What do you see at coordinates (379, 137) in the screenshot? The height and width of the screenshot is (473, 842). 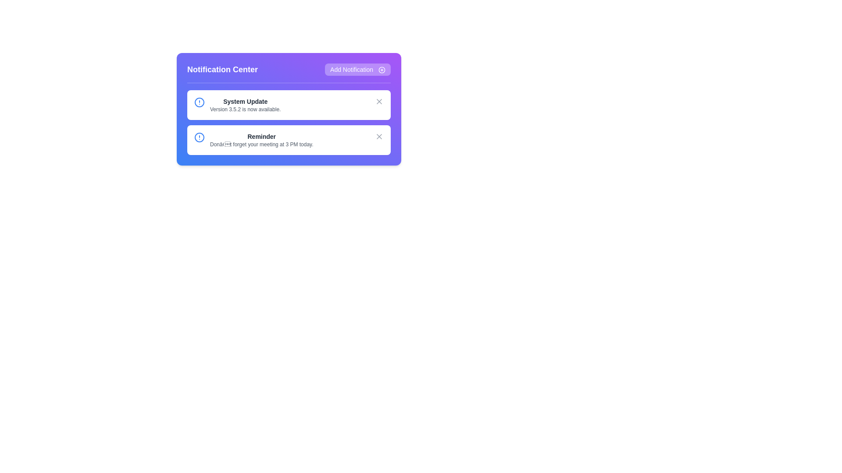 I see `the dismiss button of the 'Reminder' notification that contains the text 'Don’t forget your meeting at 3 PM today' to change its color` at bounding box center [379, 137].